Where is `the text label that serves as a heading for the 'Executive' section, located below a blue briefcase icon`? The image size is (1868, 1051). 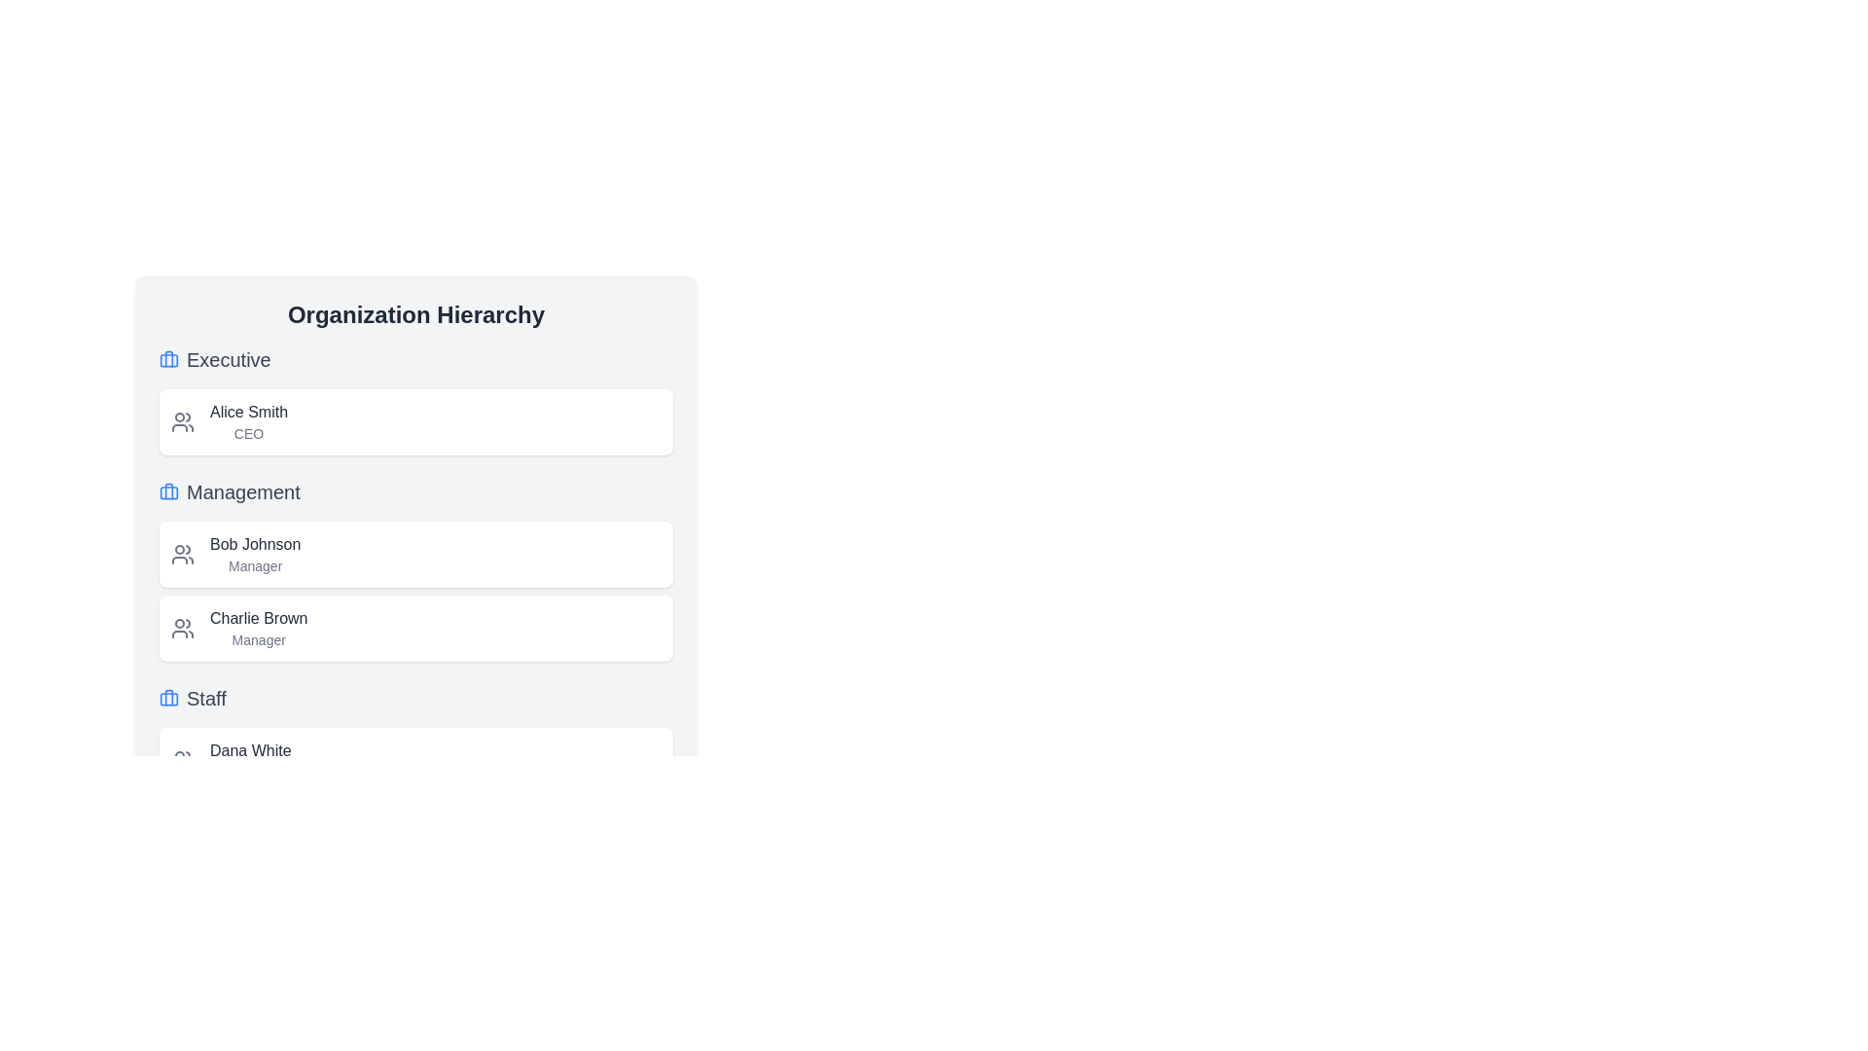
the text label that serves as a heading for the 'Executive' section, located below a blue briefcase icon is located at coordinates (229, 360).